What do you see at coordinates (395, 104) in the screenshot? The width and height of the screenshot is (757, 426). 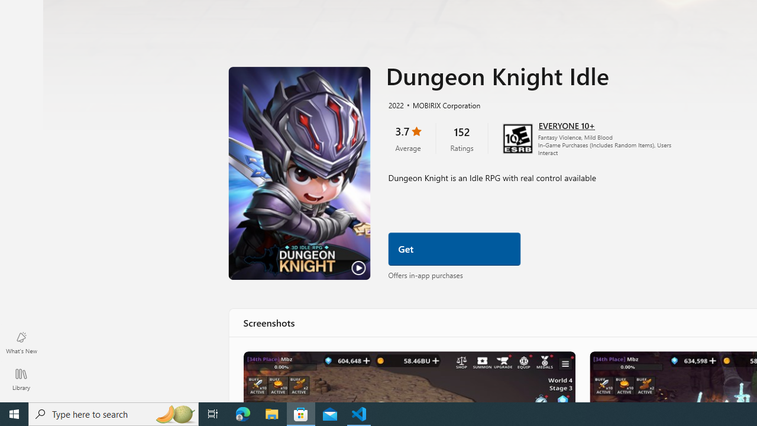 I see `'2022'` at bounding box center [395, 104].